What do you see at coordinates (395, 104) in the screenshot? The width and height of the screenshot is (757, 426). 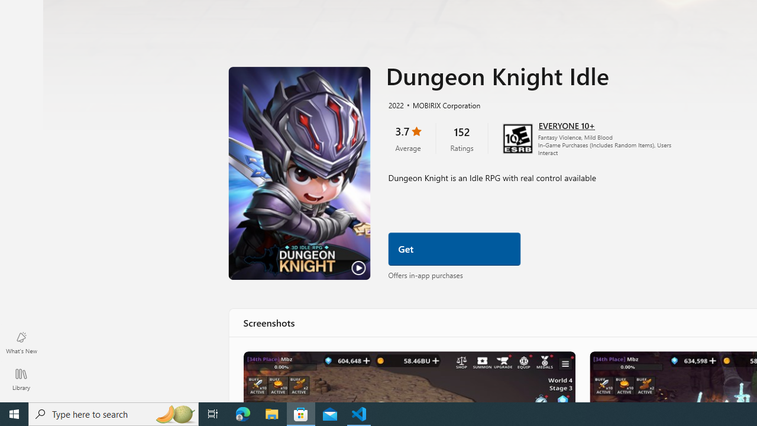 I see `'2022'` at bounding box center [395, 104].